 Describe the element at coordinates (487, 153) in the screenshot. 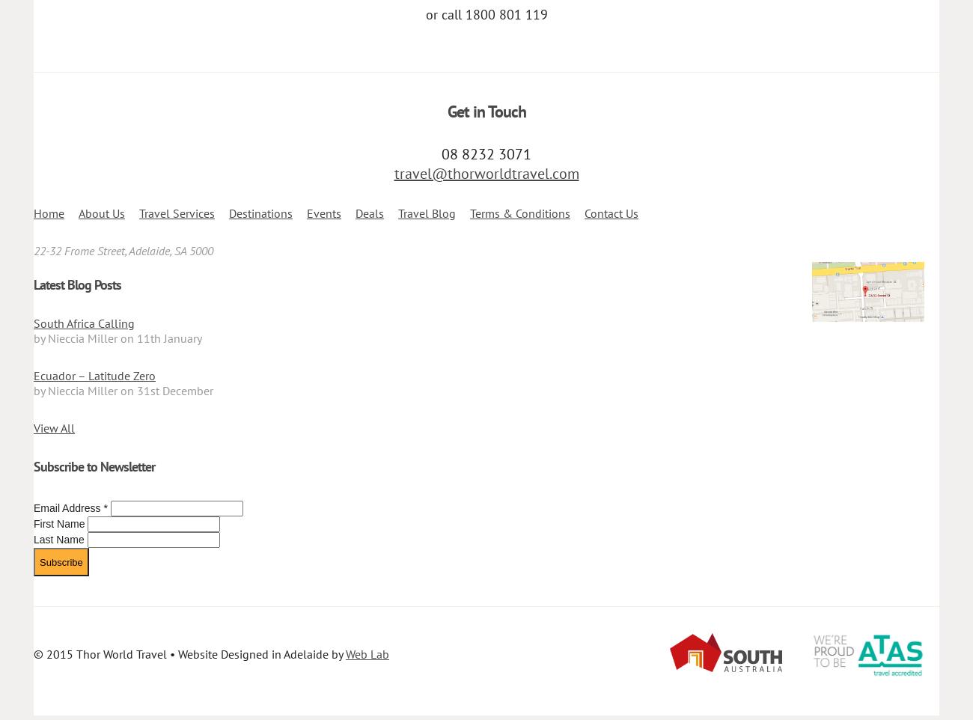

I see `'08 8232 3071'` at that location.